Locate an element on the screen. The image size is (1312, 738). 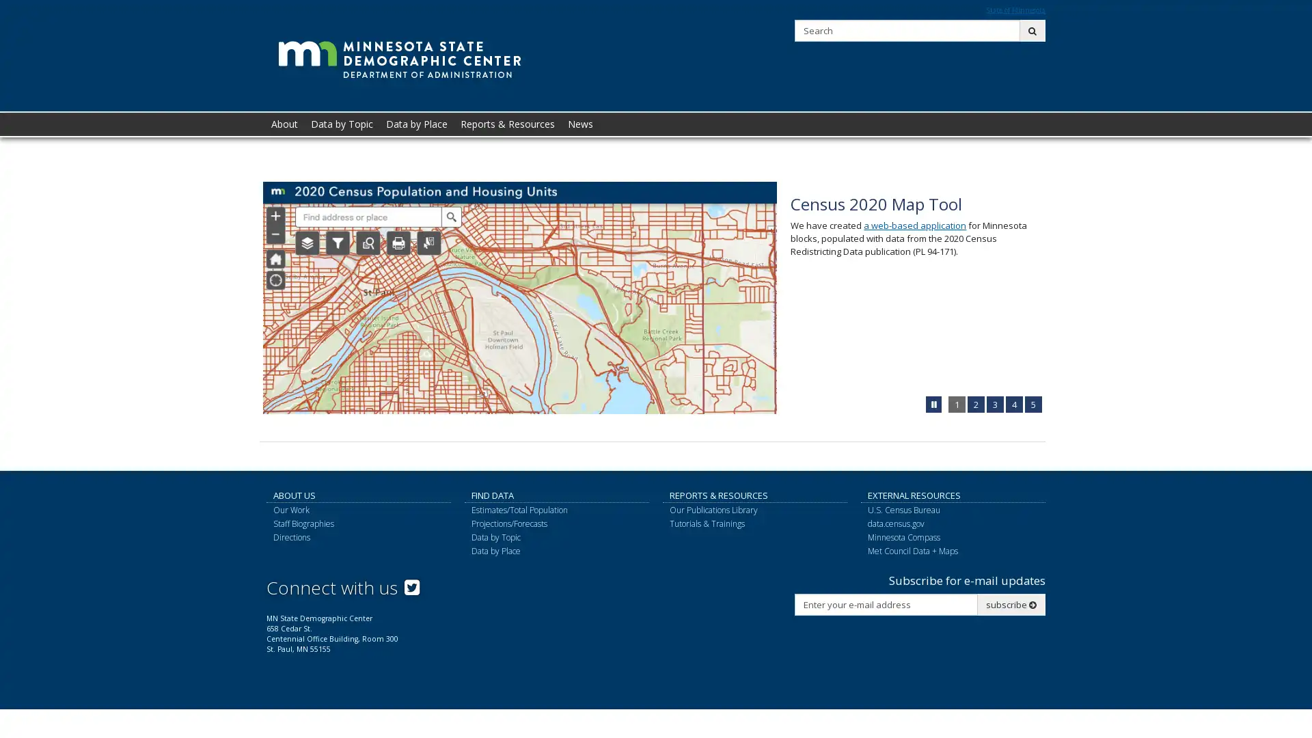
subscribe is located at coordinates (1010, 603).